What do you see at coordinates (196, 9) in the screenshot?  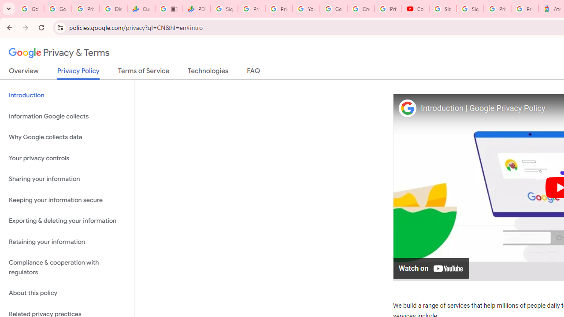 I see `'PDD Holdings Inc - ADR (PDD) Price & News - Google Finance'` at bounding box center [196, 9].